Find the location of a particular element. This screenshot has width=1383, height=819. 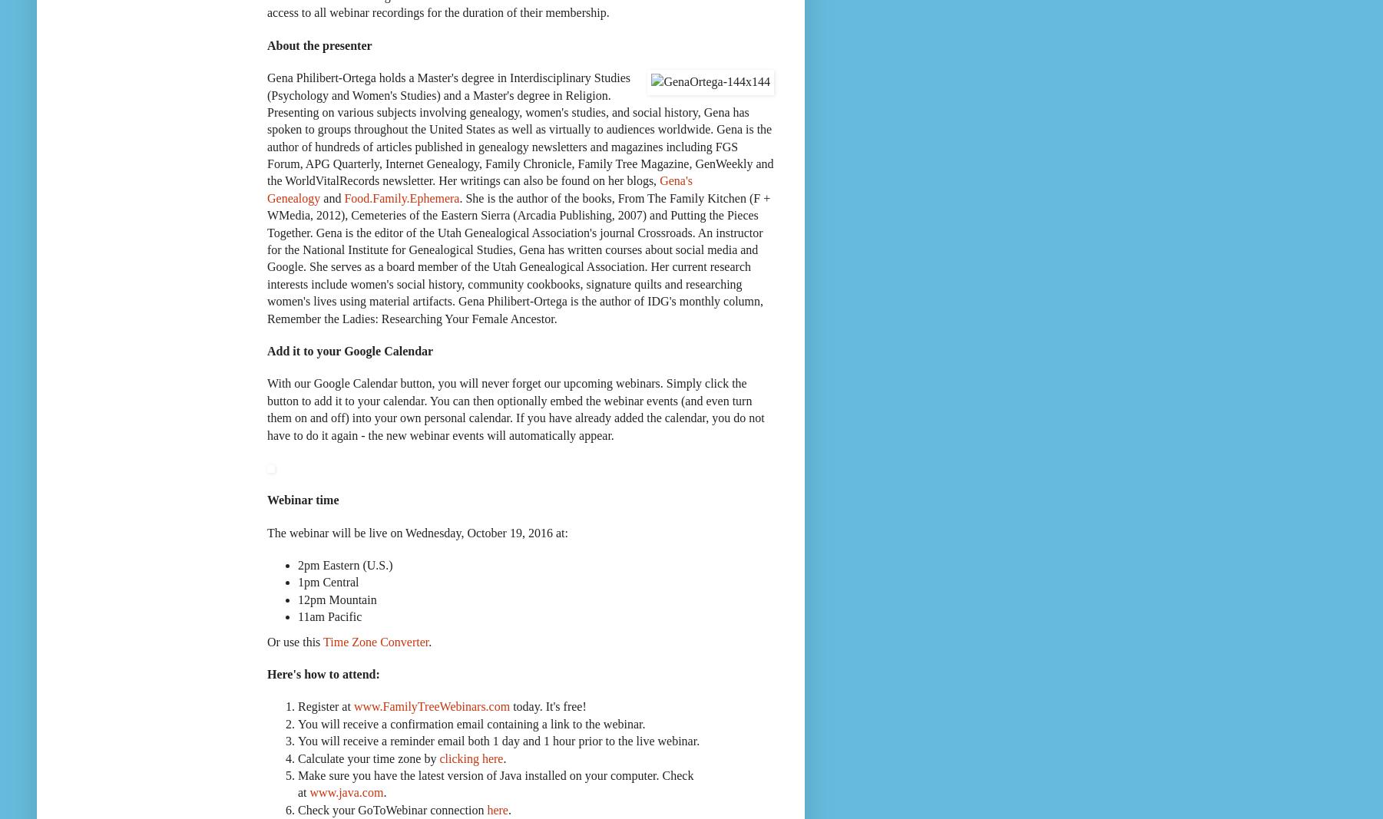

'Register at' is located at coordinates (324, 706).